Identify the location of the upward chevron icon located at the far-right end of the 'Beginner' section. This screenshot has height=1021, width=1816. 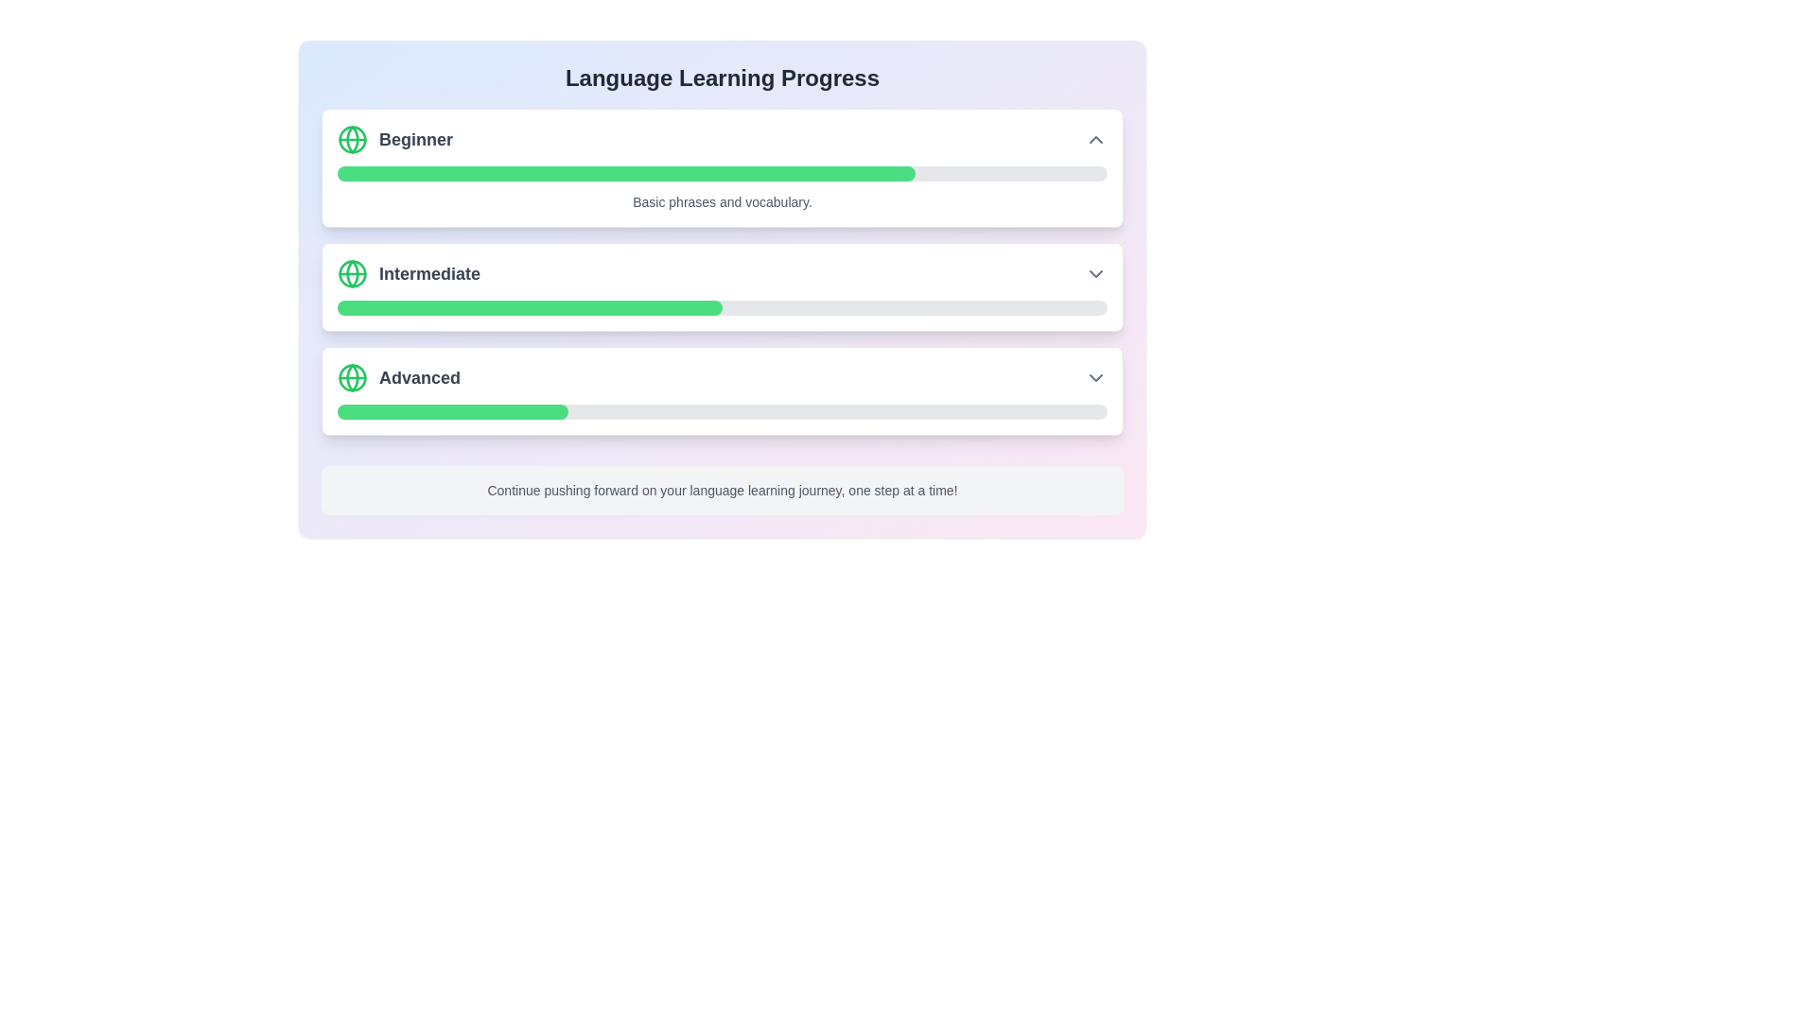
(1095, 138).